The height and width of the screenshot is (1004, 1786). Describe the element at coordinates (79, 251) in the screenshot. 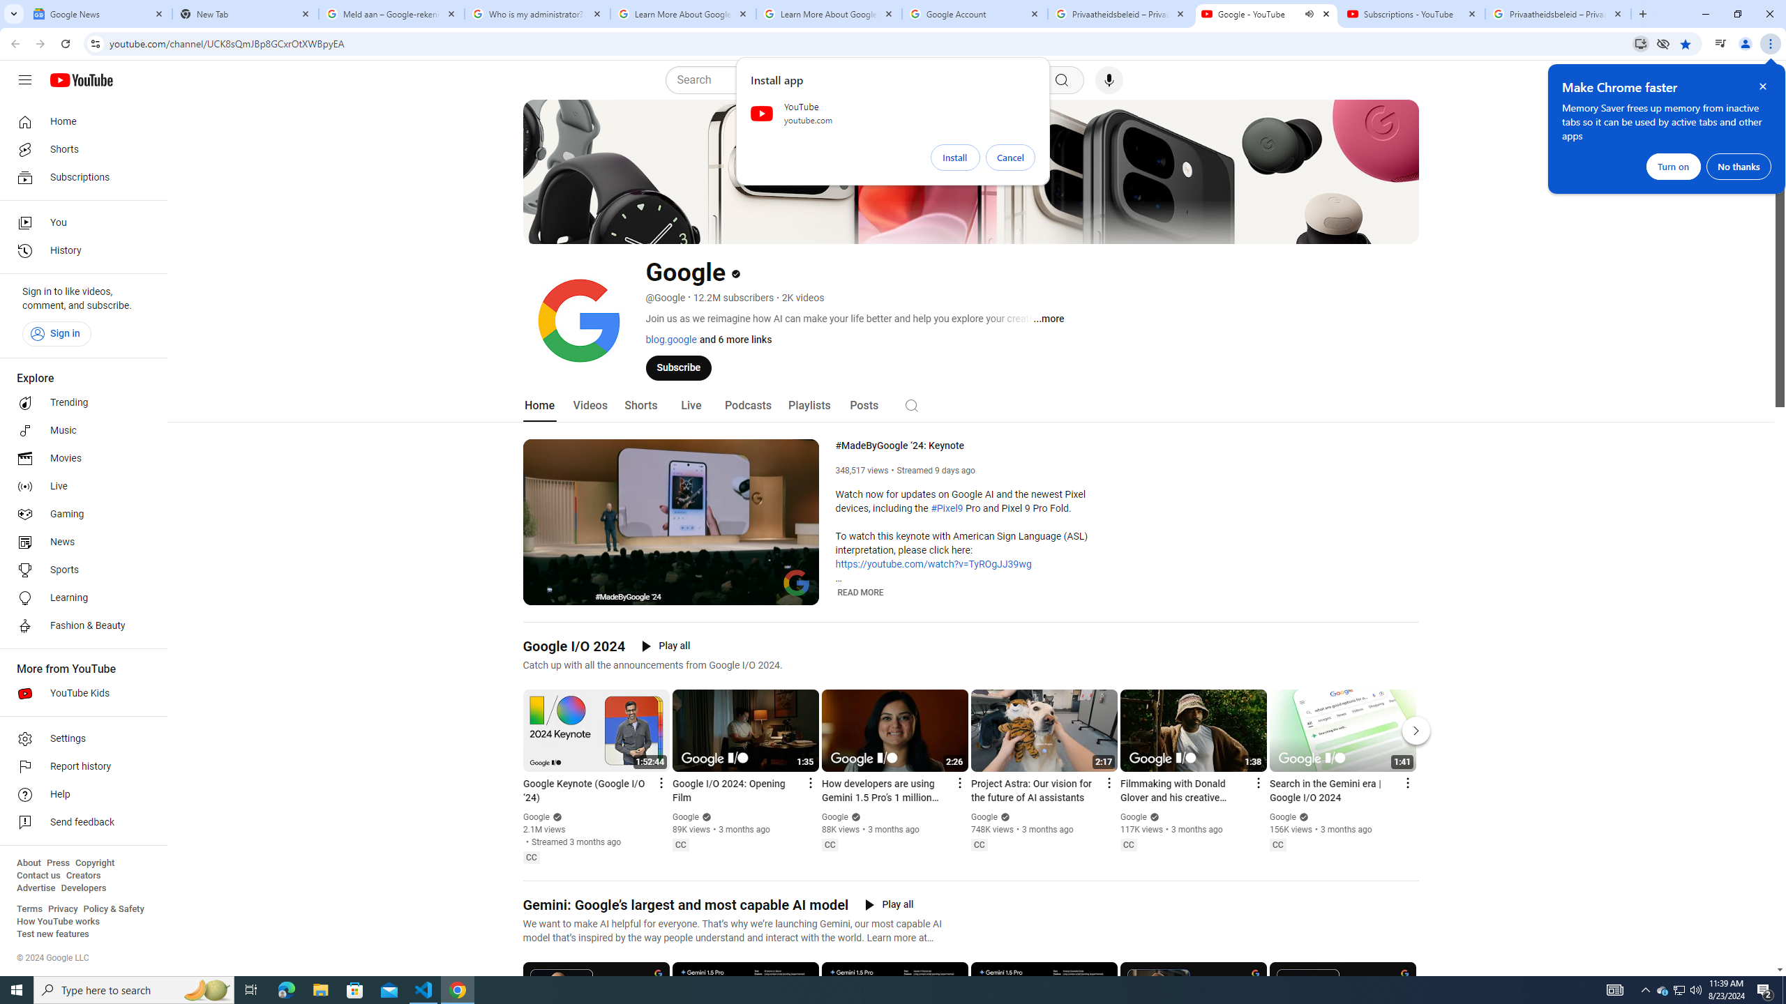

I see `'History'` at that location.